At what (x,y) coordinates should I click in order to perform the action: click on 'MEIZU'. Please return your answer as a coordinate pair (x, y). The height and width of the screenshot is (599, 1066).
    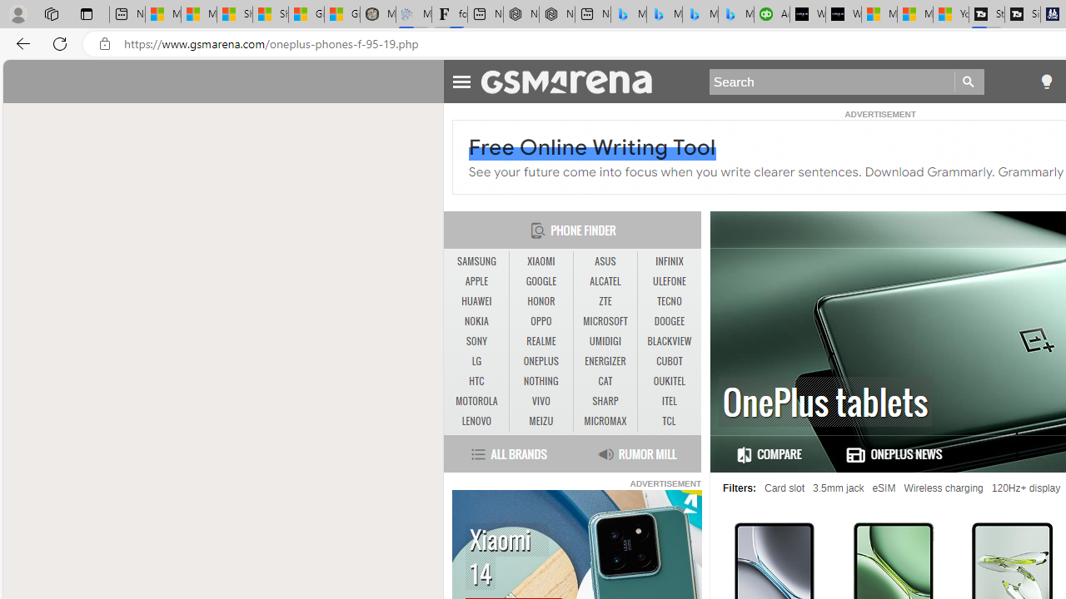
    Looking at the image, I should click on (541, 420).